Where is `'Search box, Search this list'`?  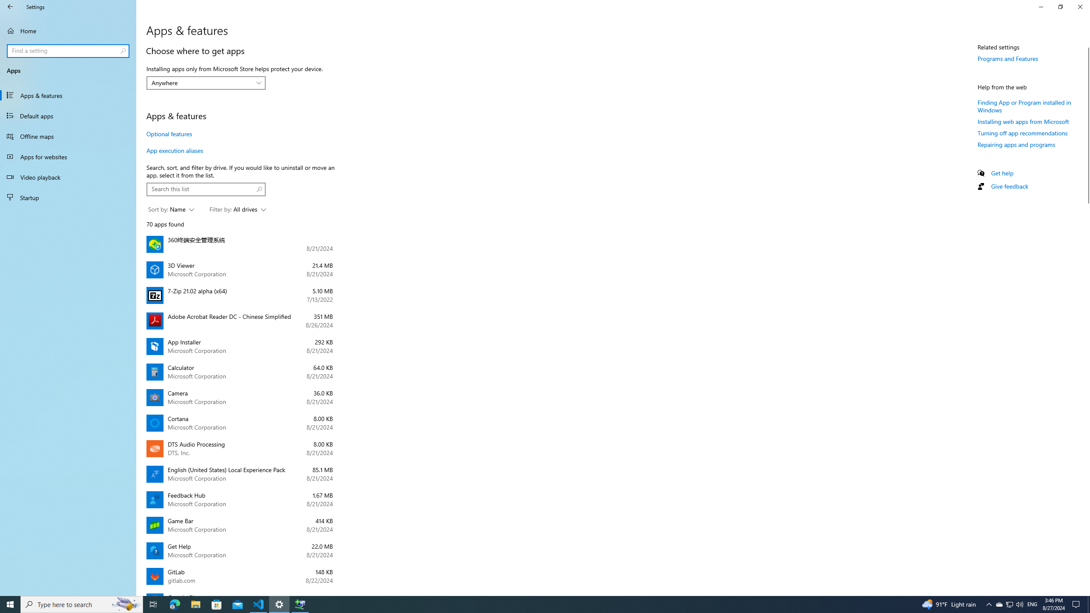
'Search box, Search this list' is located at coordinates (207, 189).